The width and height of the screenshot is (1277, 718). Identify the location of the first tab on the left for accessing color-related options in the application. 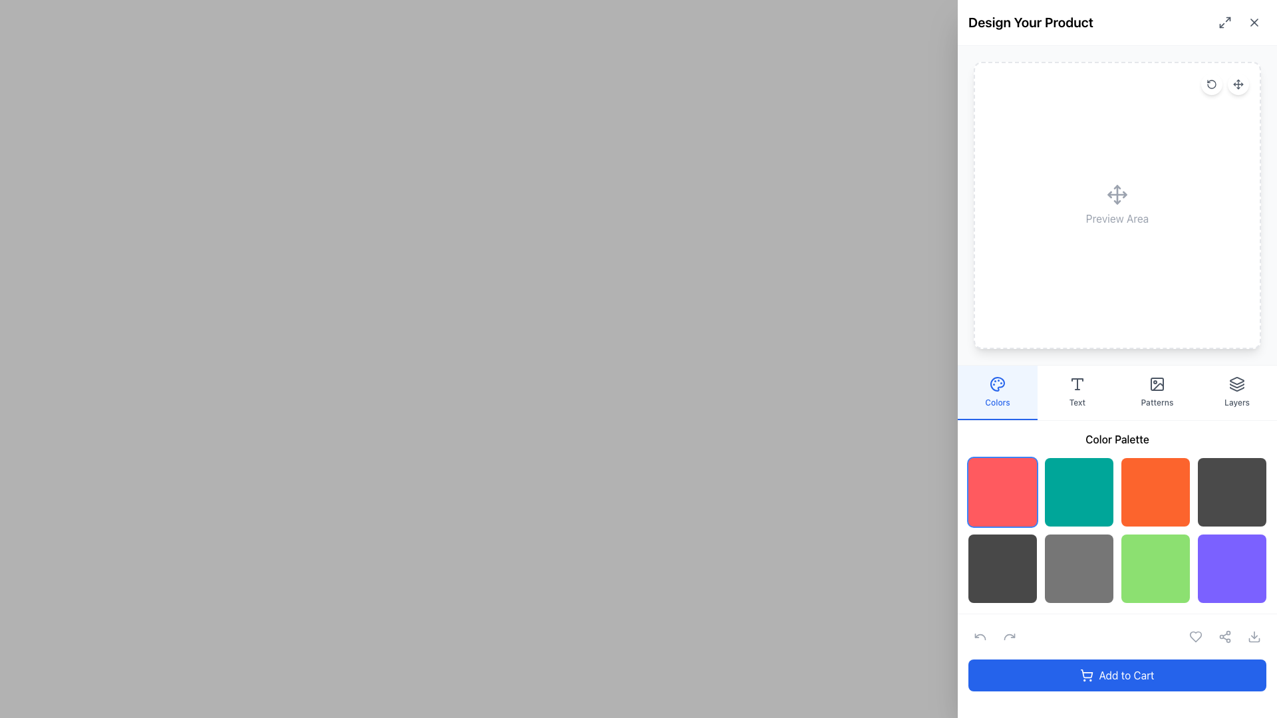
(997, 392).